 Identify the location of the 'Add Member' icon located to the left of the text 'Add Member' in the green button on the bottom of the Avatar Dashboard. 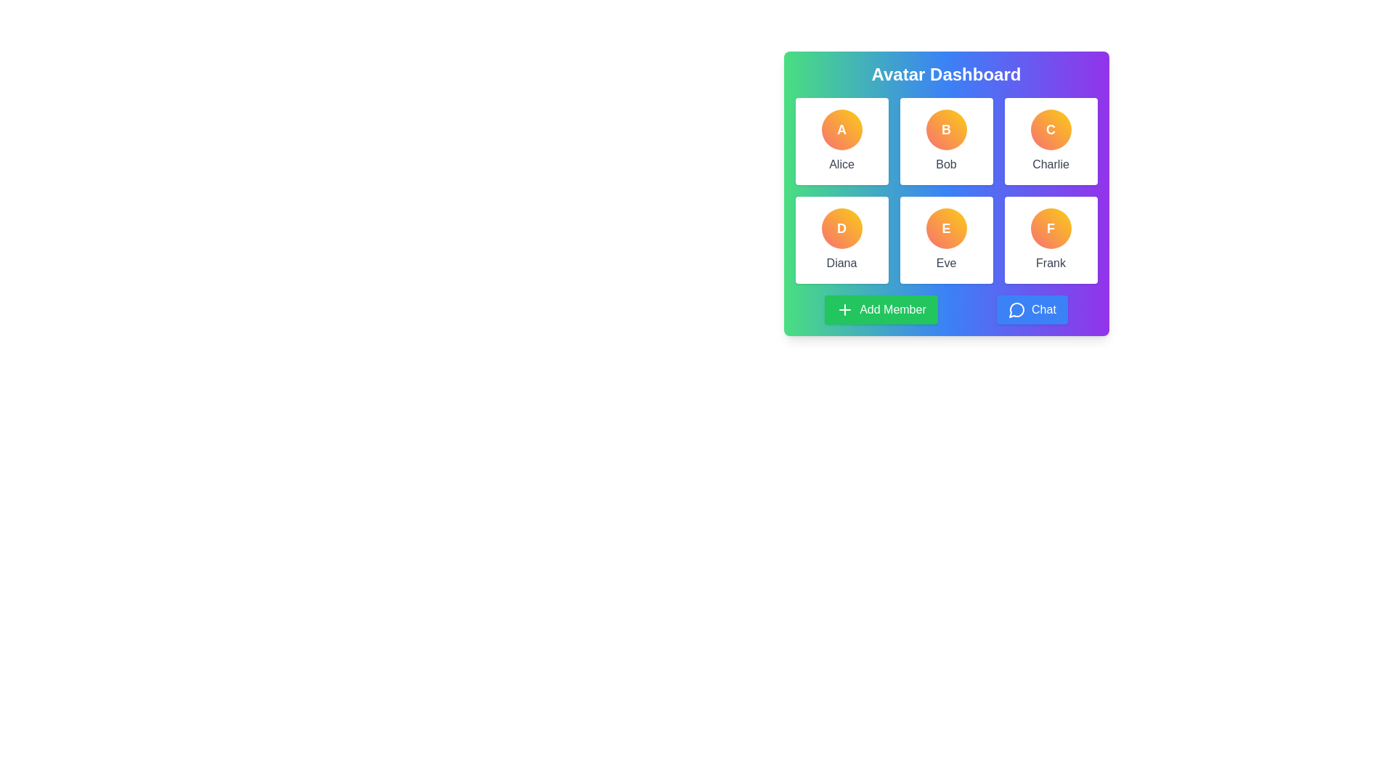
(845, 309).